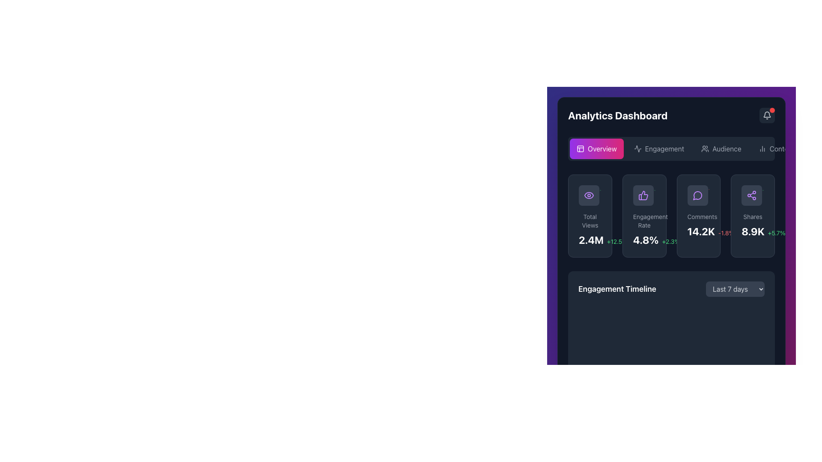  Describe the element at coordinates (697, 195) in the screenshot. I see `the comments icon located in the third column of the four icons under the 'Comments' section, right below the purple 'Overview' tab in the dashboard` at that location.